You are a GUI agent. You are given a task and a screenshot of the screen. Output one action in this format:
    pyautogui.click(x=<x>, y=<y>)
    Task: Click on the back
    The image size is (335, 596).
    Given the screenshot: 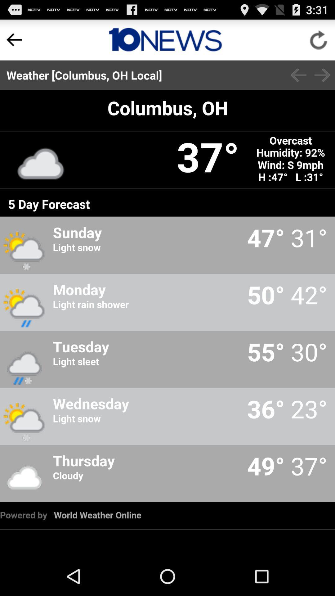 What is the action you would take?
    pyautogui.click(x=298, y=75)
    